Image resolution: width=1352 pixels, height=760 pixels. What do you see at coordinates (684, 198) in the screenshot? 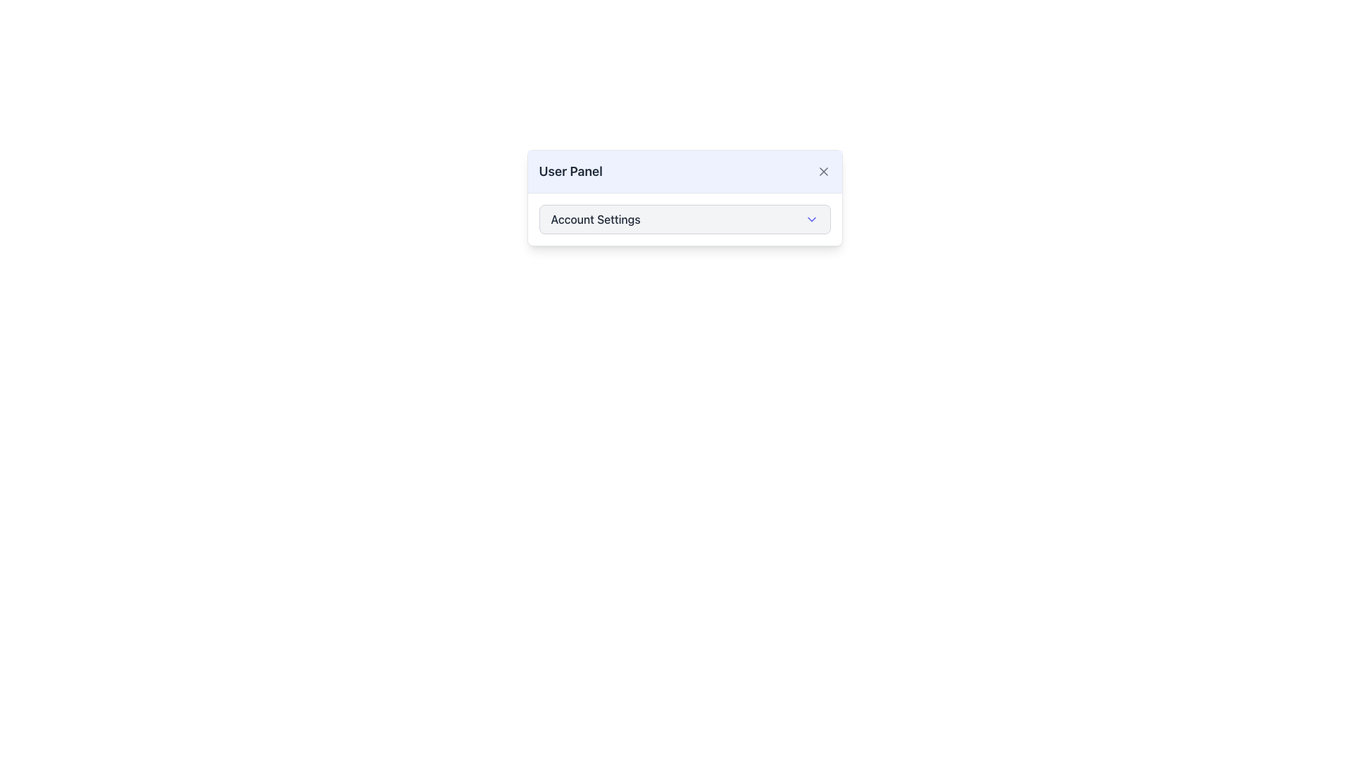
I see `the Dropdown menu located in the user settings panel` at bounding box center [684, 198].